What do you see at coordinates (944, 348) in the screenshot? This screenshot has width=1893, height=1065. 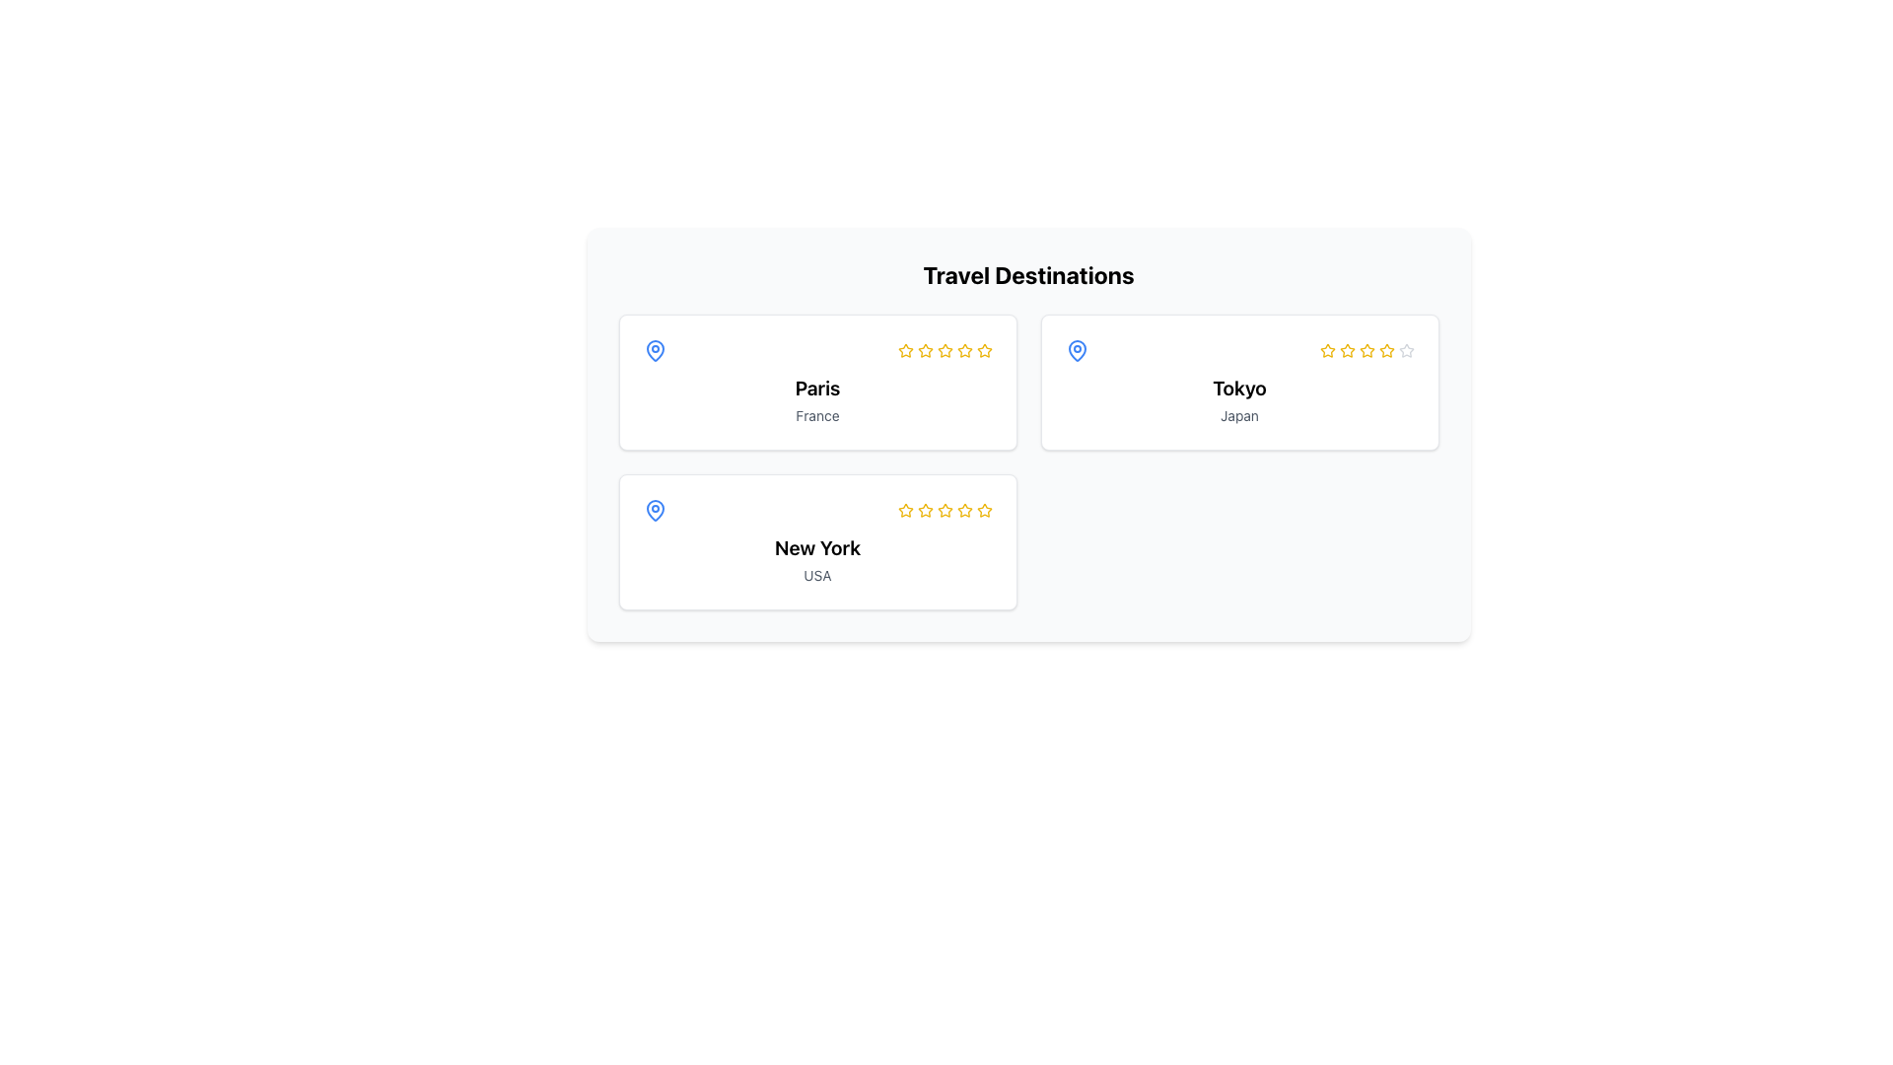 I see `the yellow star icon, which is the third star in the rating section of the 'Paris, France' destination card` at bounding box center [944, 348].